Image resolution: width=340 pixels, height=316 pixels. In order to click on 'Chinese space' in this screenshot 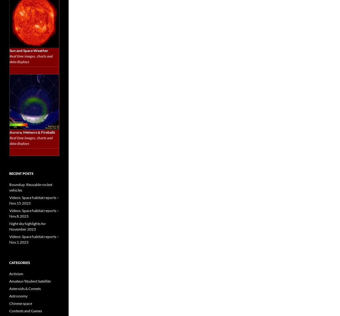, I will do `click(20, 303)`.